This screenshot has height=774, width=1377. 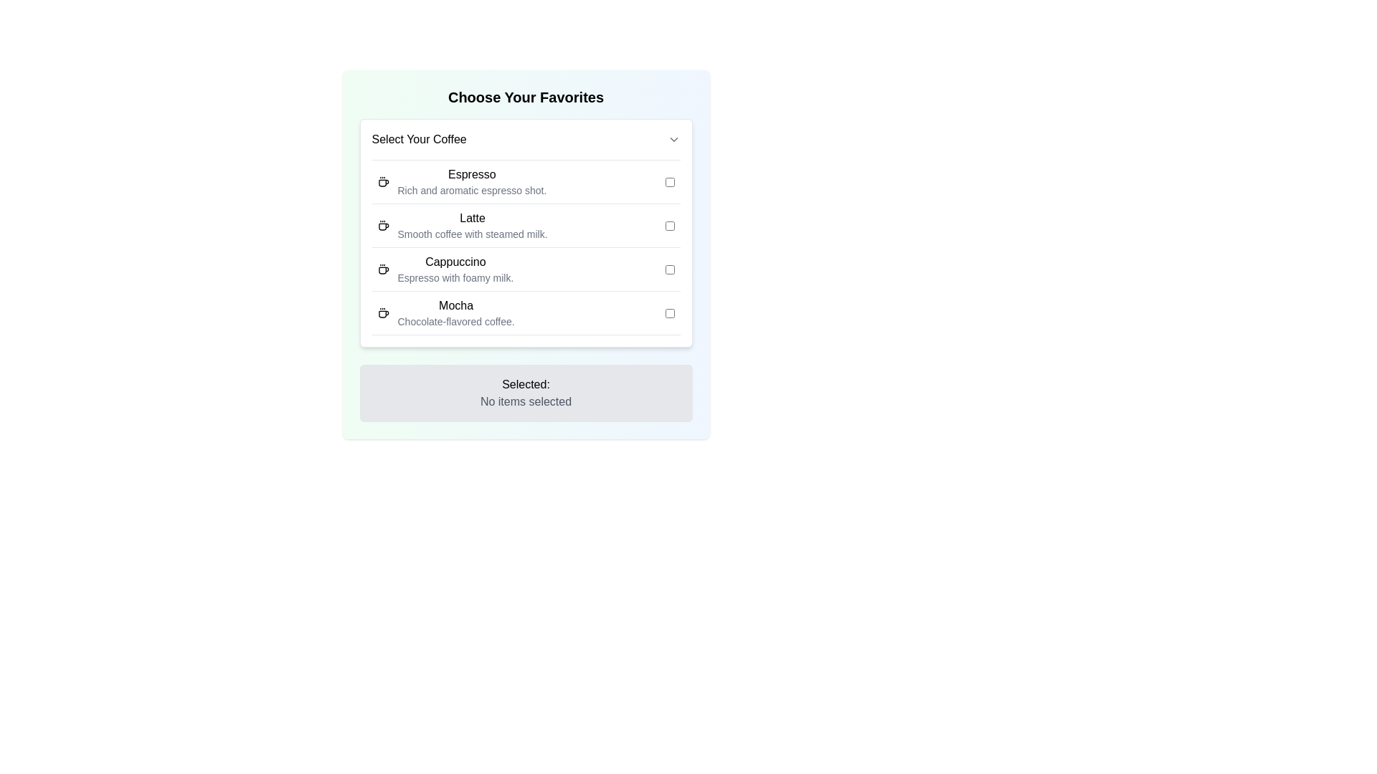 I want to click on the informational entry describing the 'Espresso' coffee option, located in the vertical list under 'Select Your Coffee.', so click(x=472, y=181).